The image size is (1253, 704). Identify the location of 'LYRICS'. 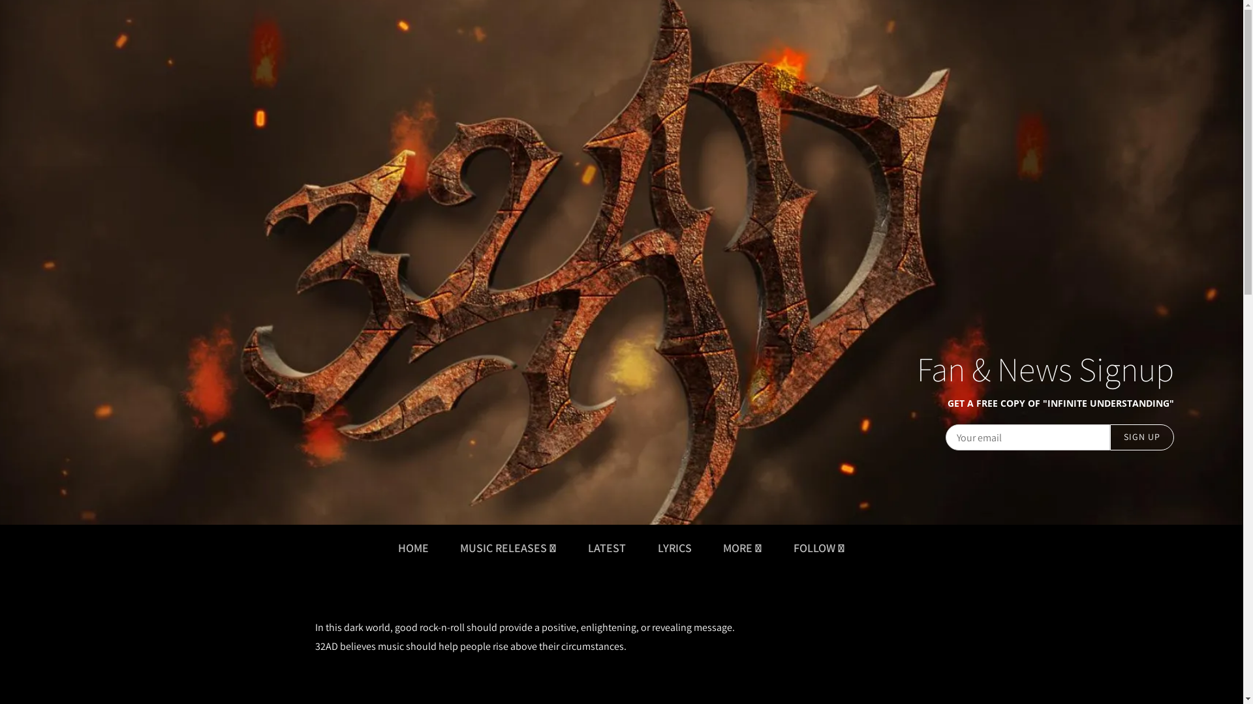
(674, 548).